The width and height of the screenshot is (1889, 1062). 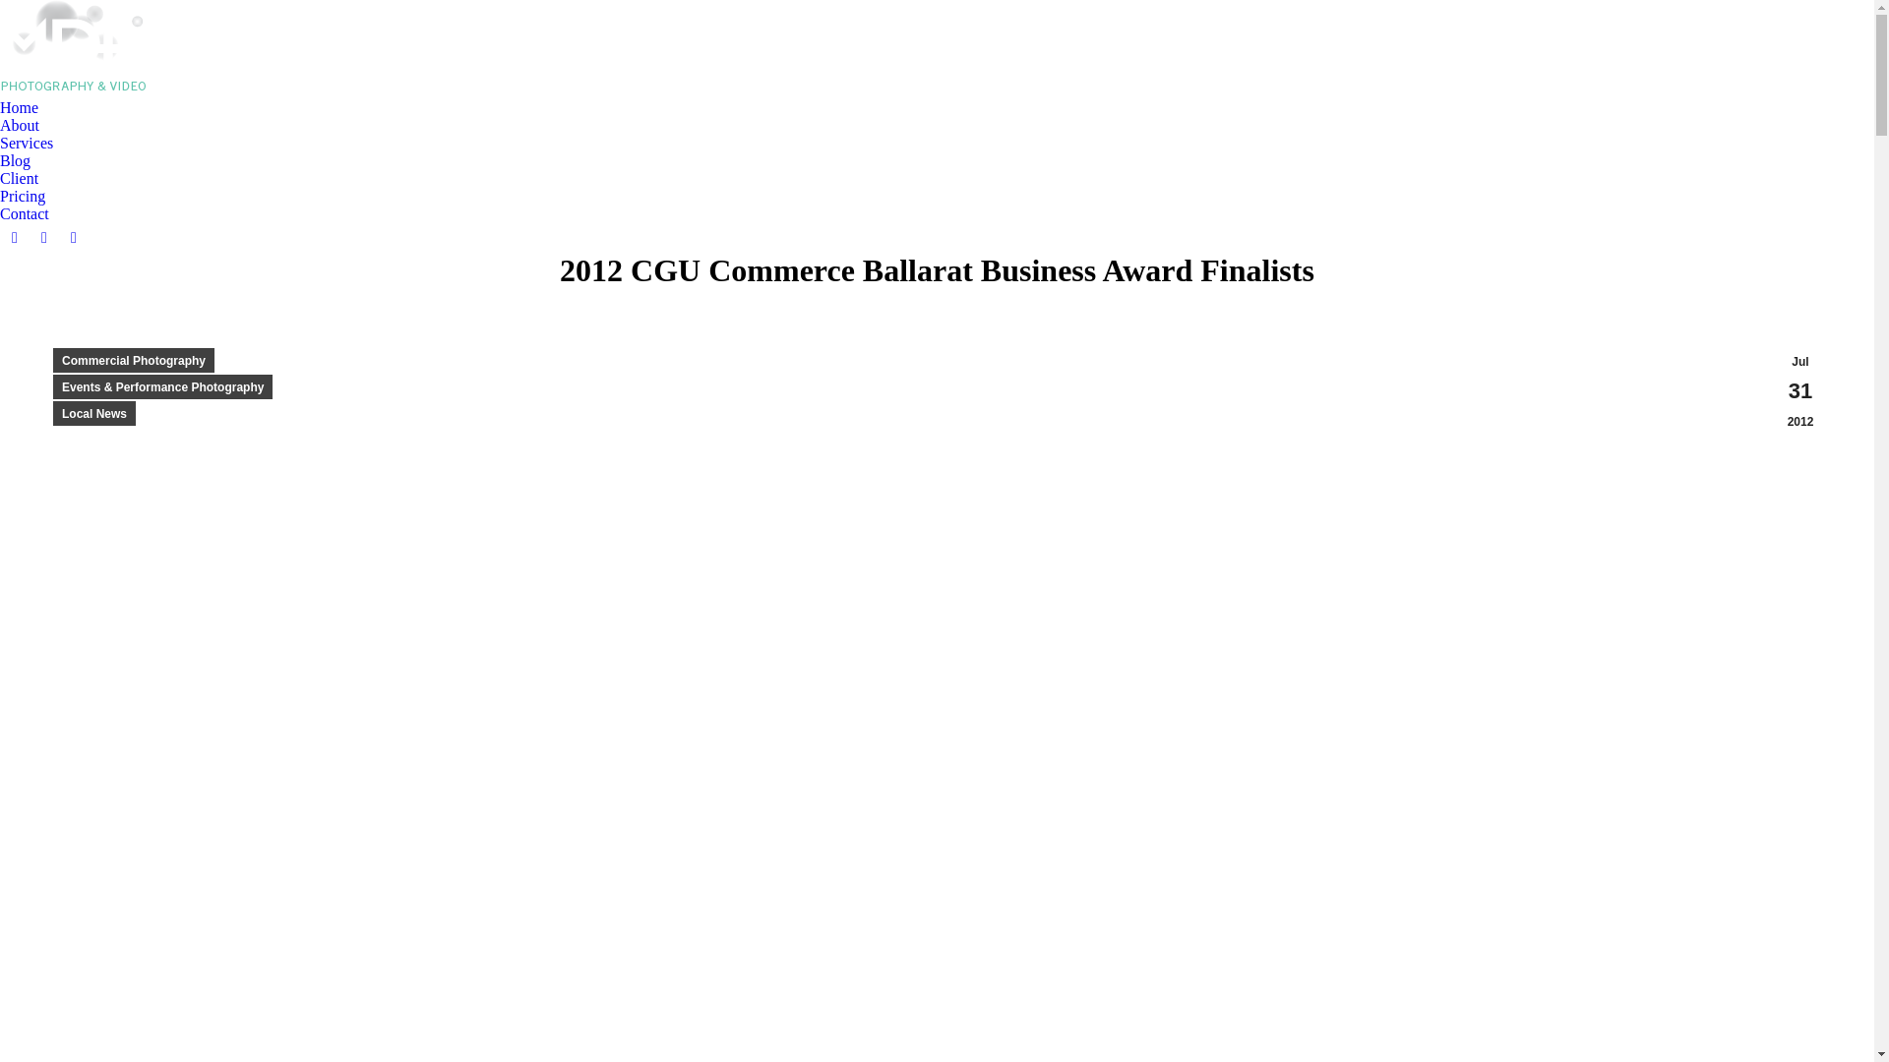 I want to click on 'Commercial Photography', so click(x=132, y=360).